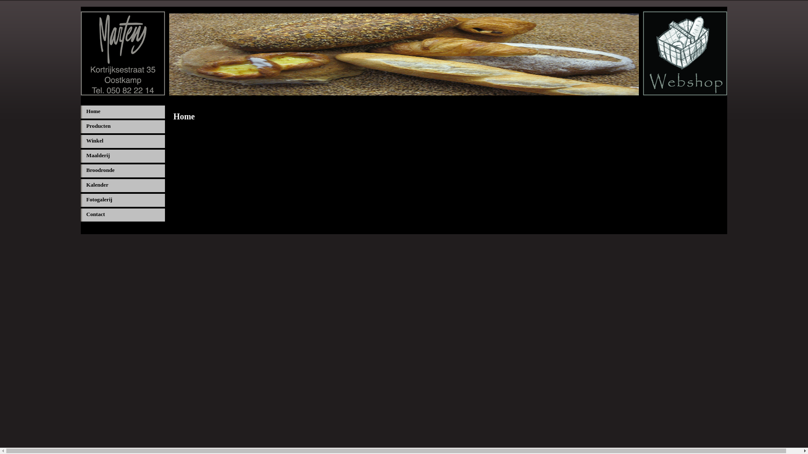 The height and width of the screenshot is (454, 808). I want to click on 'Kalender', so click(122, 185).